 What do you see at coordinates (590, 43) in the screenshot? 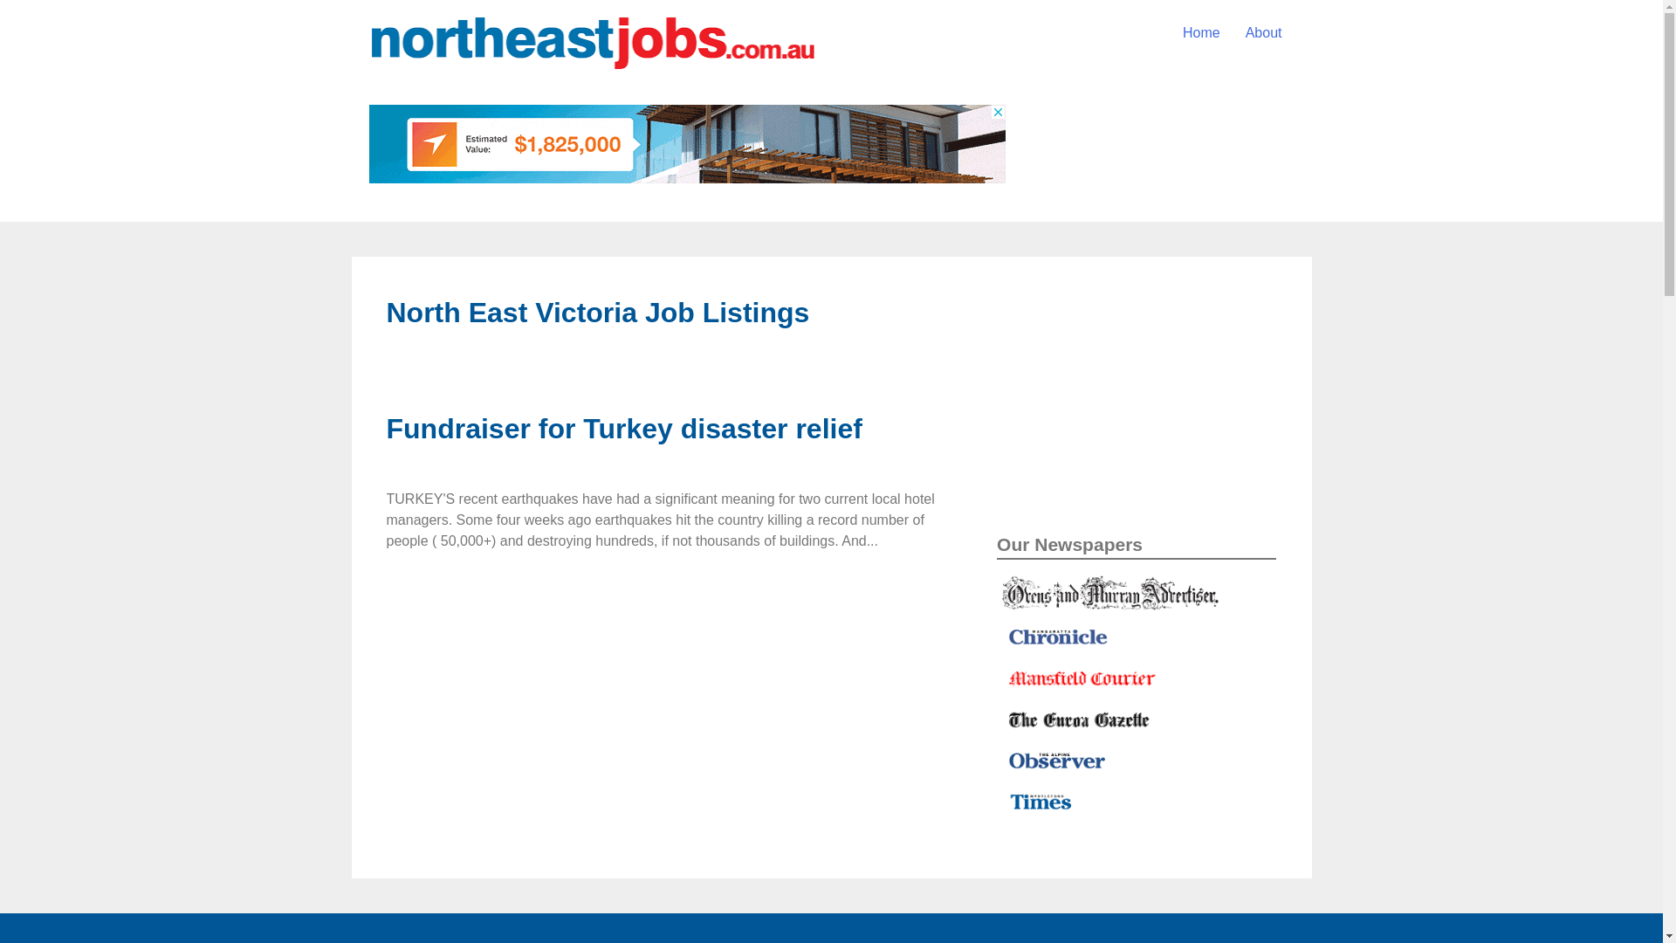
I see `'North-East-Jobs-web-address'` at bounding box center [590, 43].